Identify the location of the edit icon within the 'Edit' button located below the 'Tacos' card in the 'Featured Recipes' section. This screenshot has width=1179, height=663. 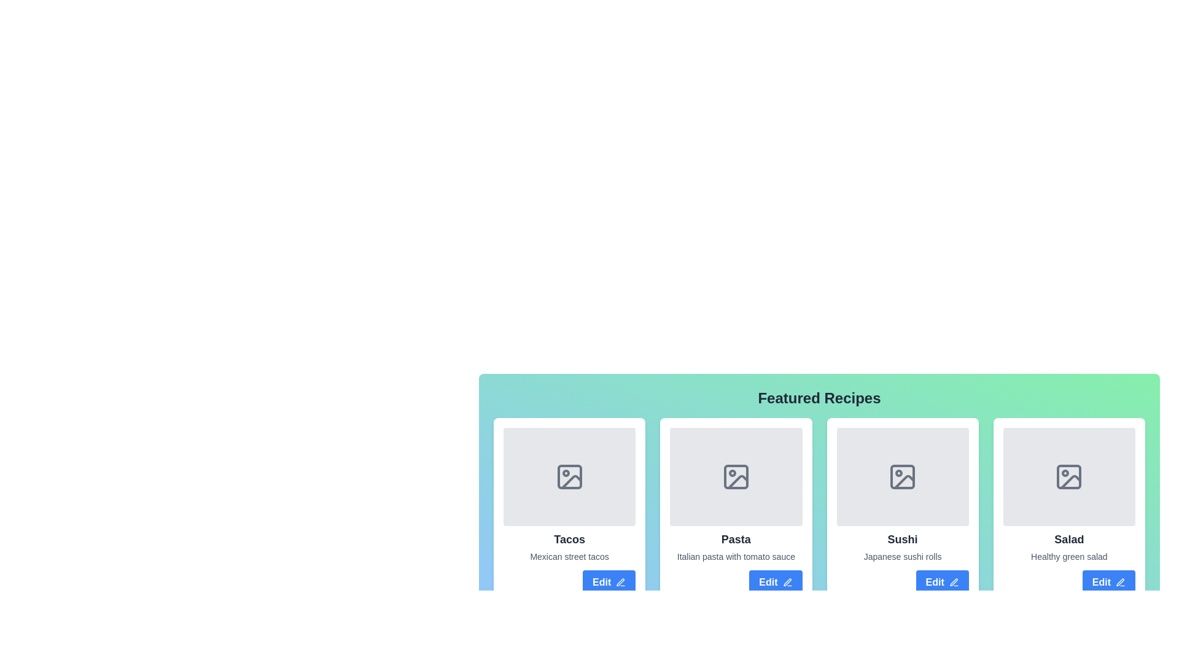
(620, 581).